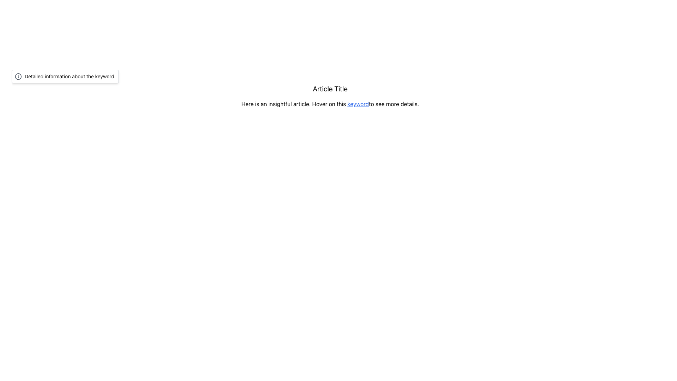 Image resolution: width=677 pixels, height=381 pixels. What do you see at coordinates (358, 104) in the screenshot?
I see `the hyperlink styled in blue font with an underline that represents the word 'keyword', located in the sentence: 'Here is an insightful article. Hover on this keyword` at bounding box center [358, 104].